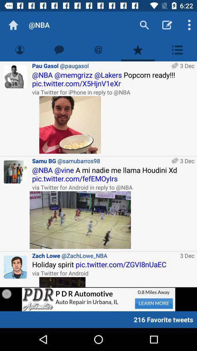 This screenshot has width=197, height=351. I want to click on the icon above the pau gasol @paugasol icon, so click(98, 49).